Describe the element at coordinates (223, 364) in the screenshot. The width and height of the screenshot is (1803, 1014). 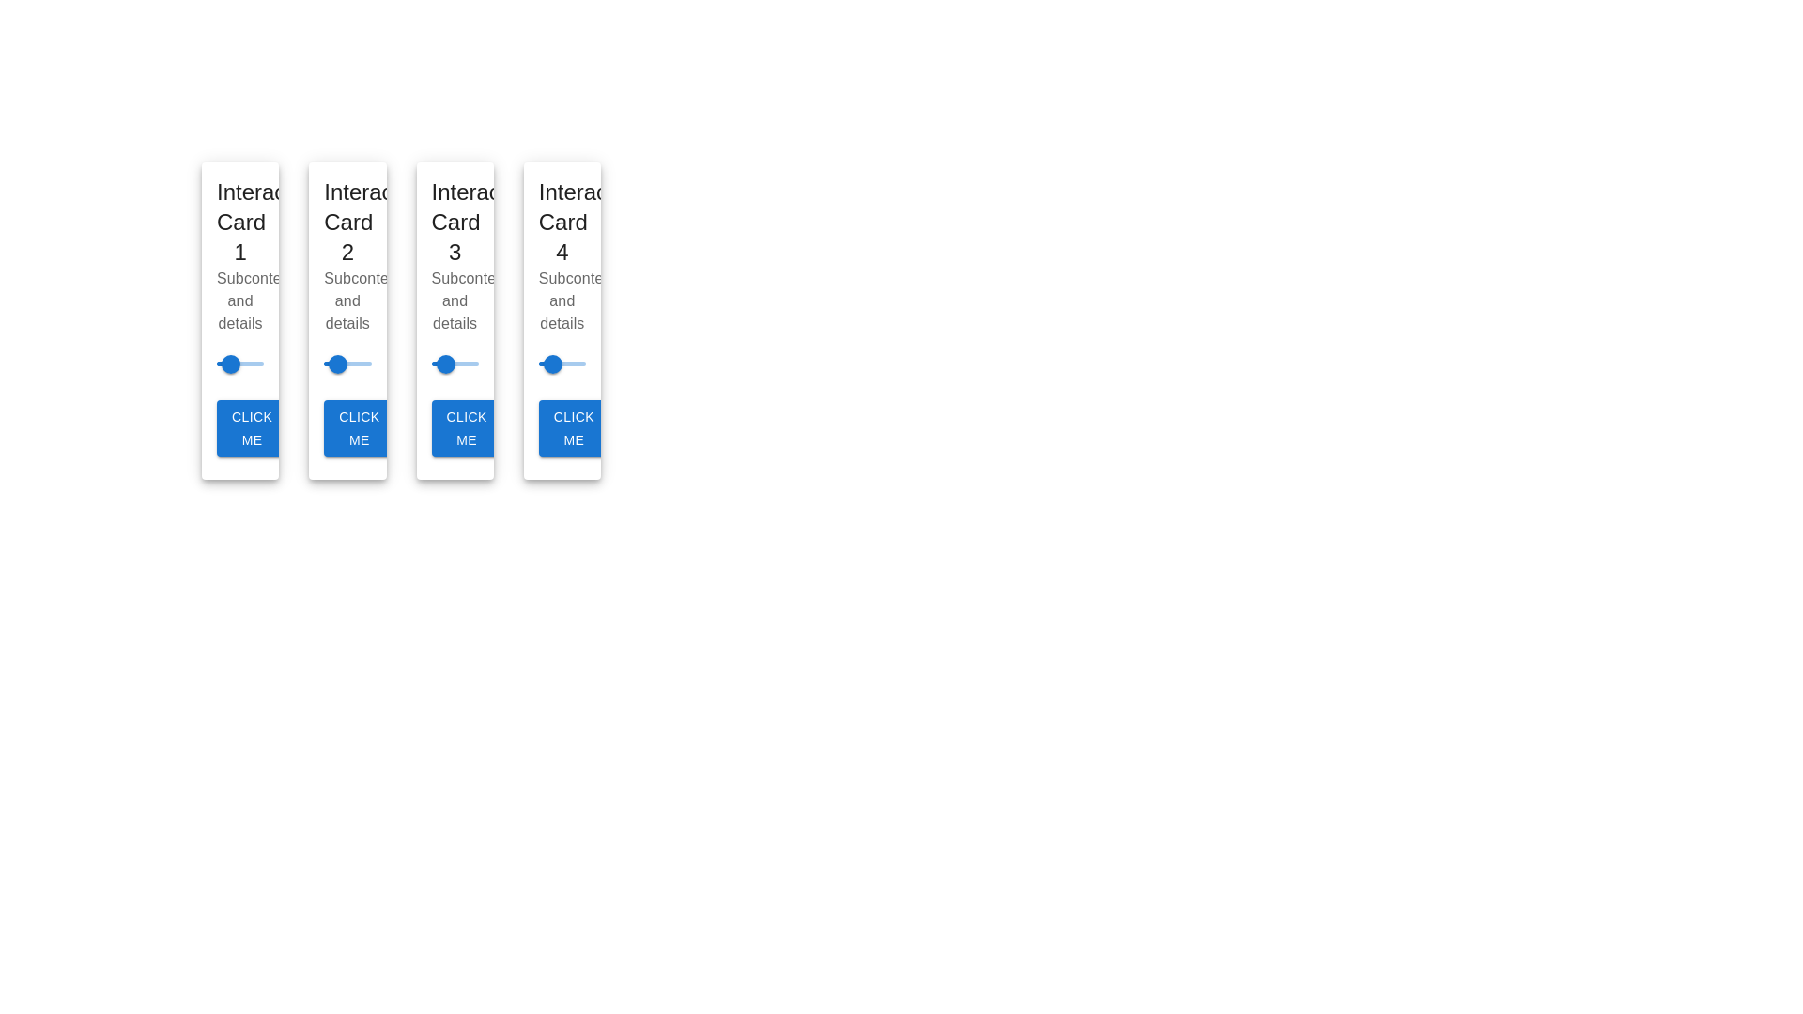
I see `the slider value` at that location.